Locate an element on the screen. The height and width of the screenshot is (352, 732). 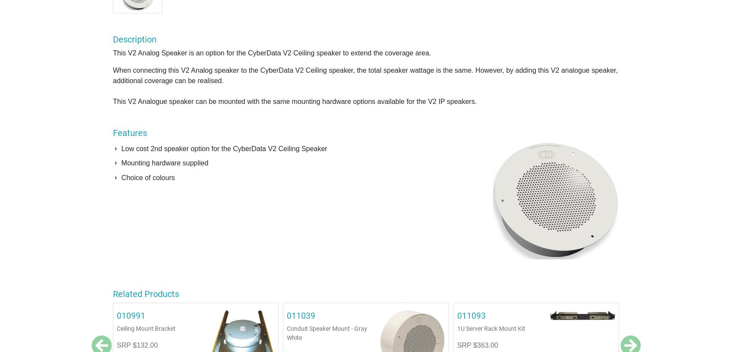
'Choice of colours' is located at coordinates (147, 177).